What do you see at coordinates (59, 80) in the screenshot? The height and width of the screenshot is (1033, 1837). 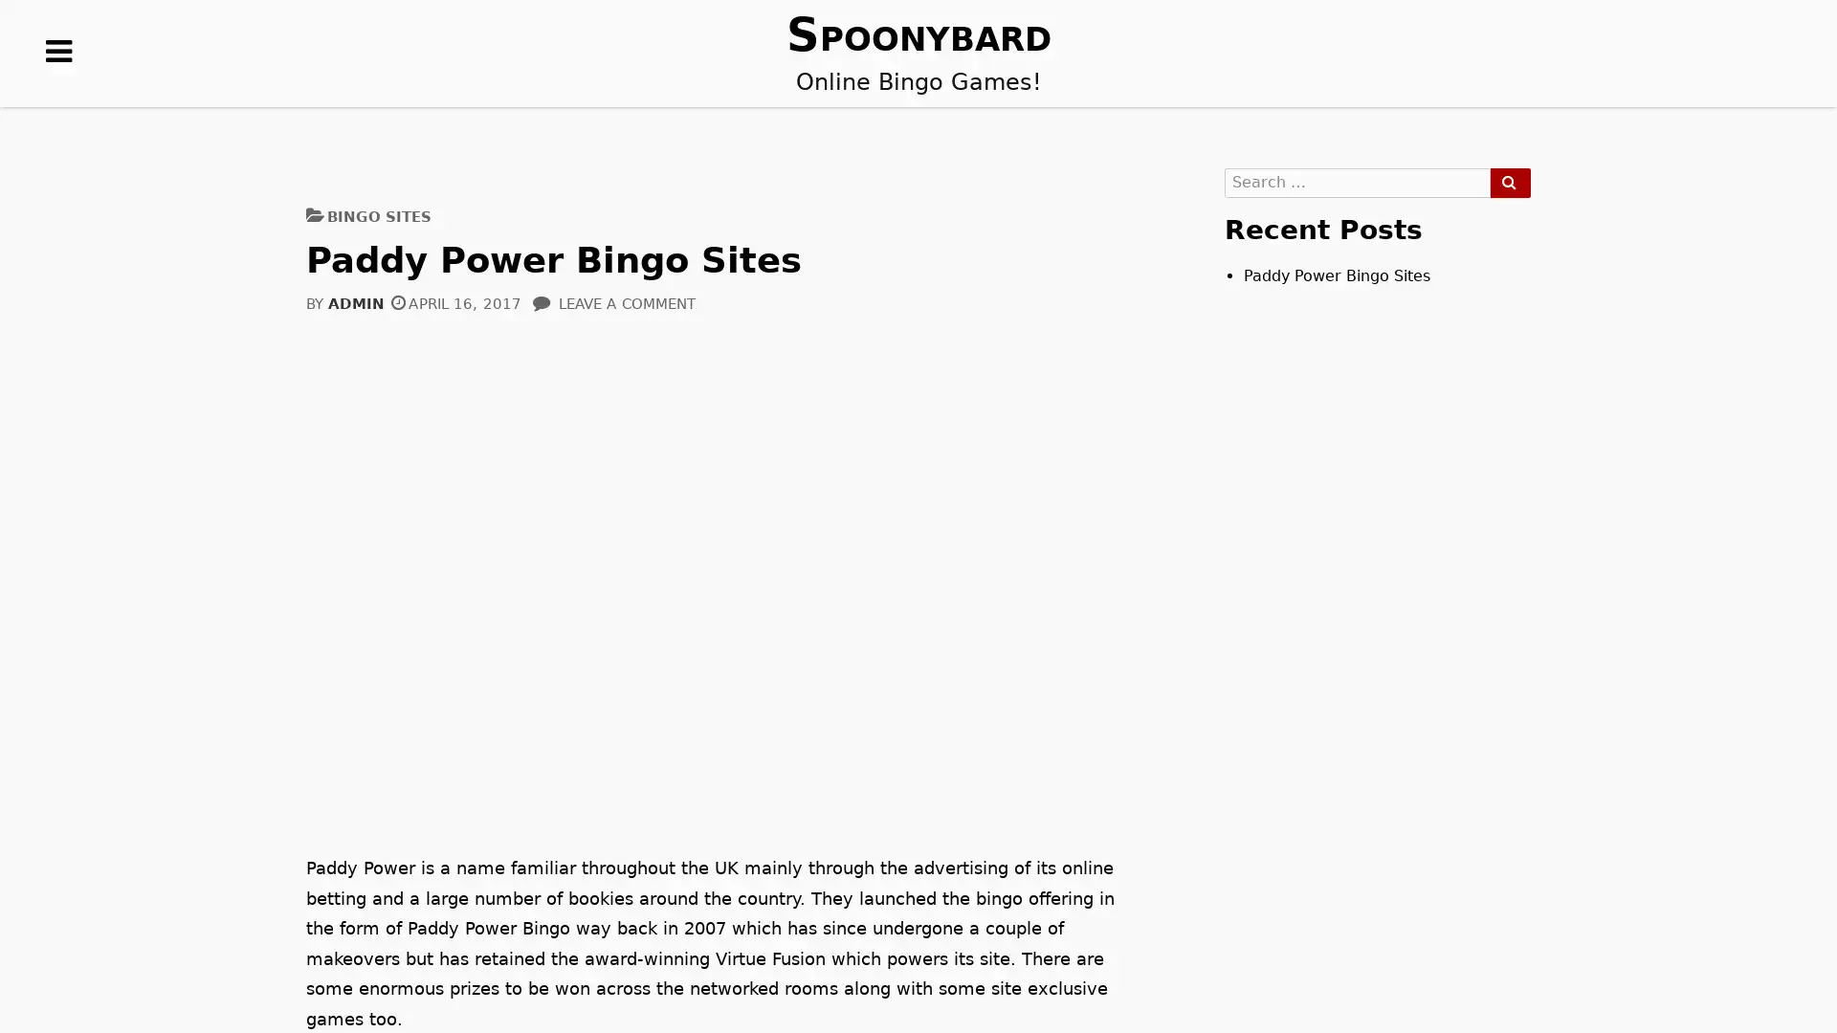 I see `MENUS` at bounding box center [59, 80].